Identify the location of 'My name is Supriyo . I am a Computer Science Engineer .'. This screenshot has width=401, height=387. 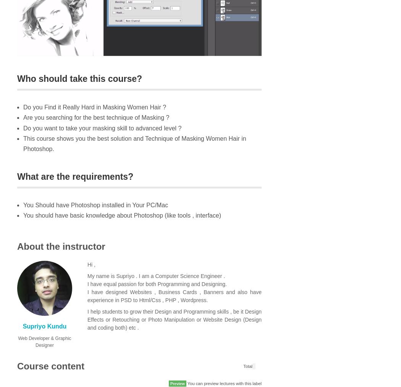
(156, 276).